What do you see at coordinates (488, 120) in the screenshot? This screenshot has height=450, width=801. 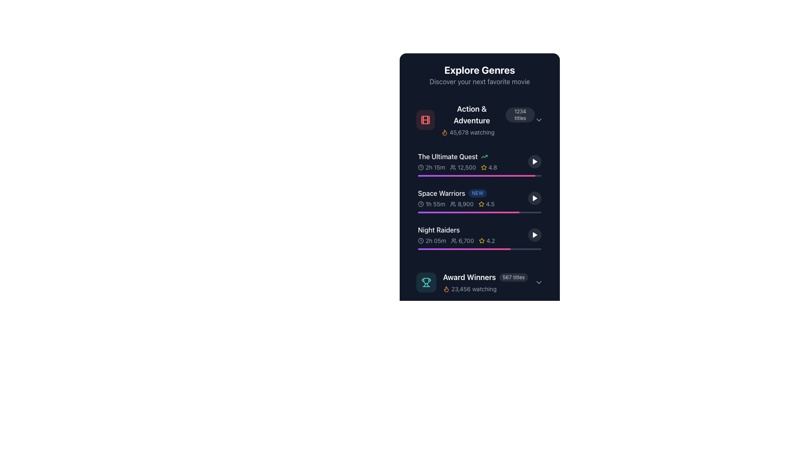 I see `text label 'Action & Adventure' and its associated metadata '1234 titles' and '45,678 watching' from the text block located in the 'Explore Genres' panel, positioned at the specified coordinates` at bounding box center [488, 120].